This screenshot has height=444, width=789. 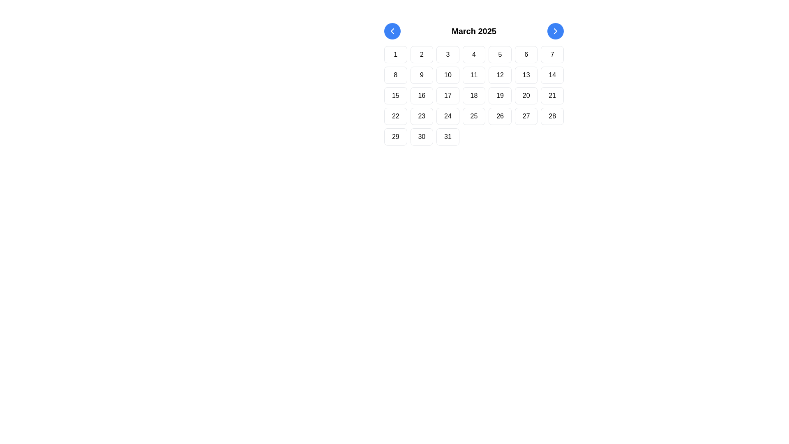 What do you see at coordinates (447, 136) in the screenshot?
I see `the calendar date button representing '31'` at bounding box center [447, 136].